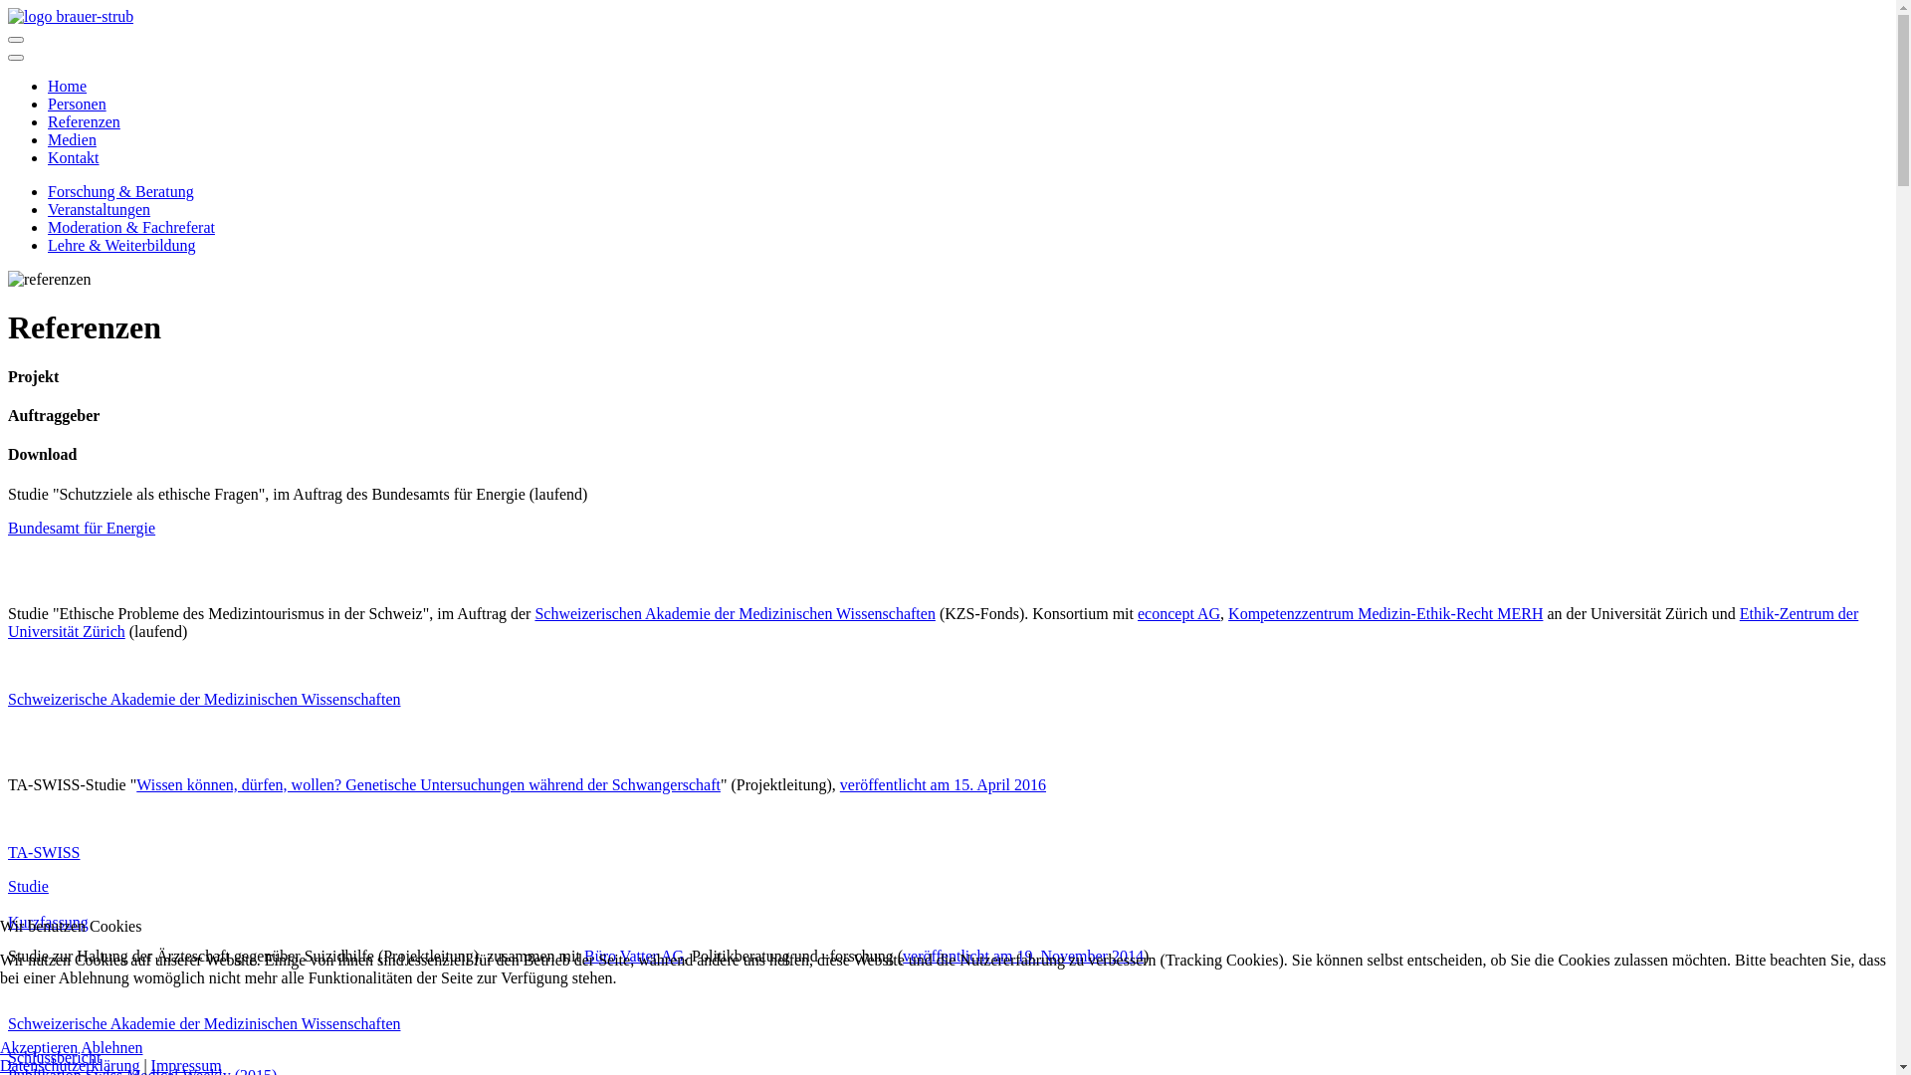  I want to click on 'Schweizerische Akademie der Medizinischen Wissenschaften', so click(204, 698).